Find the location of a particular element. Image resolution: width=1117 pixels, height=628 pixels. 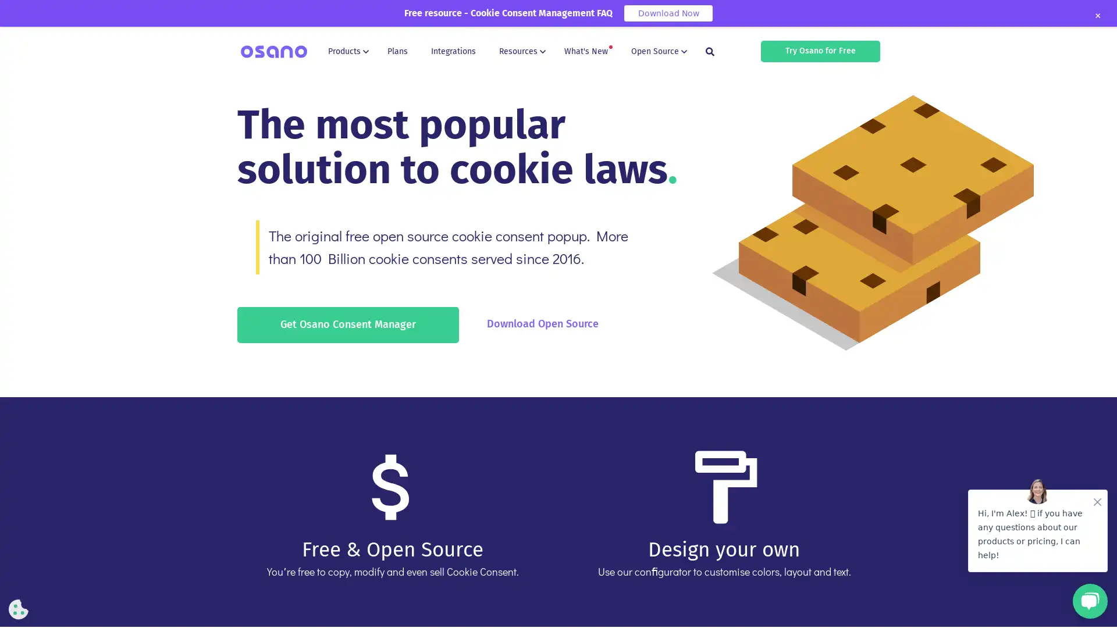

Cookie Preferences is located at coordinates (19, 609).